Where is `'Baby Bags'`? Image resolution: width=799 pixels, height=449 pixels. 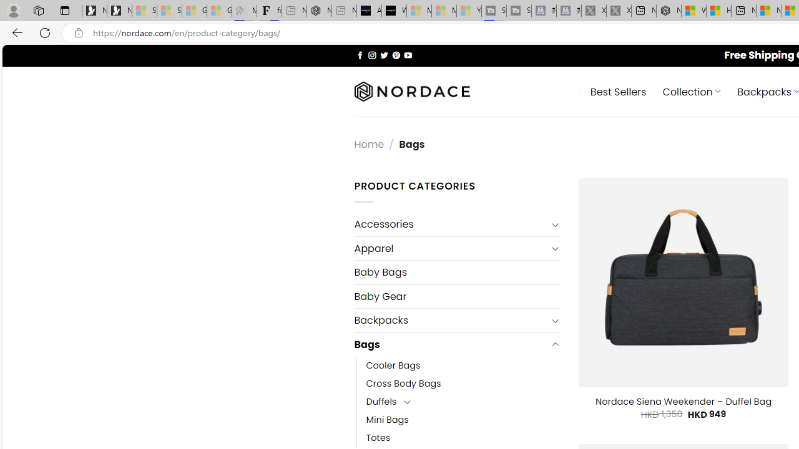
'Baby Bags' is located at coordinates (456, 272).